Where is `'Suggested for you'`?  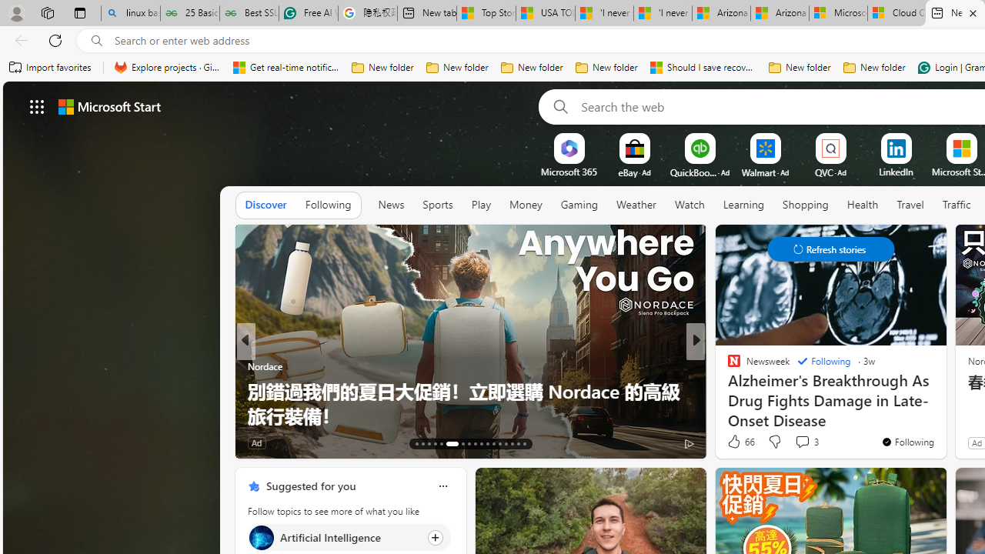 'Suggested for you' is located at coordinates (310, 486).